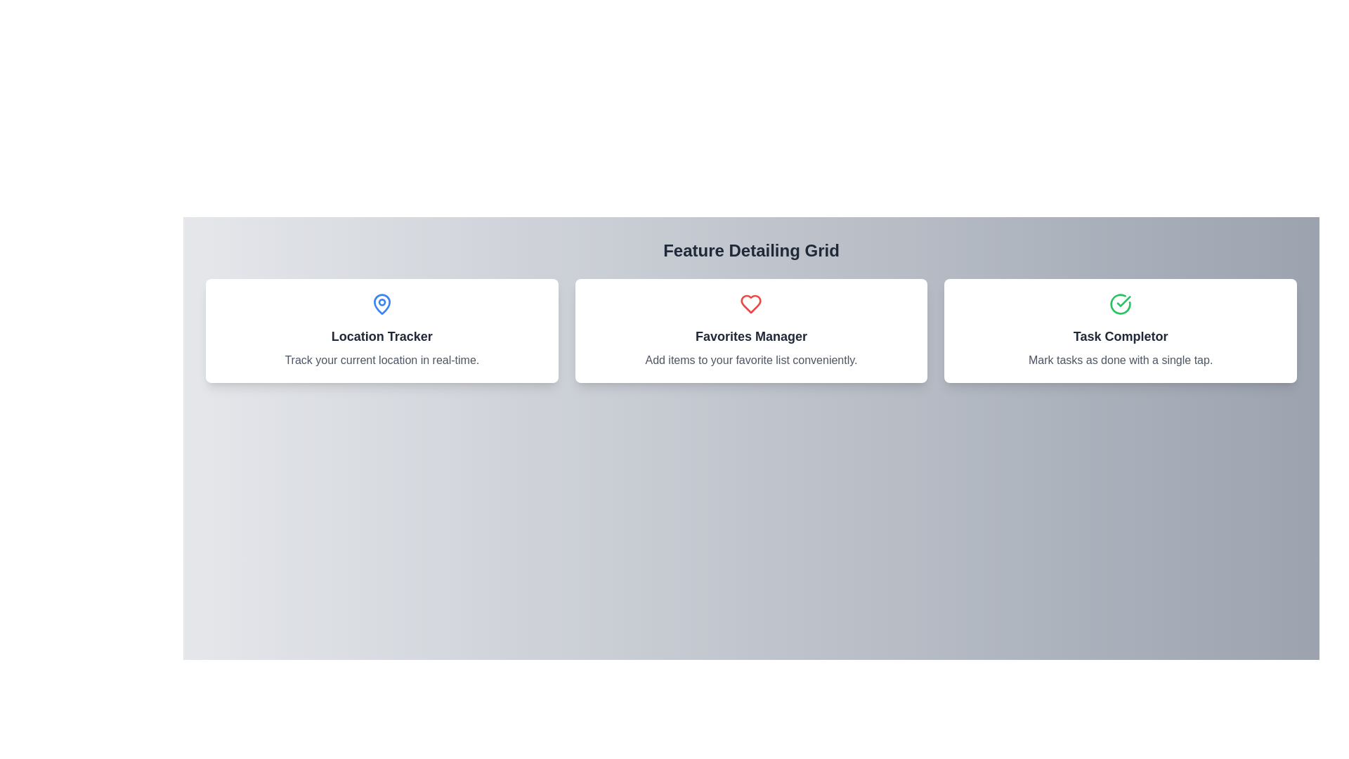  I want to click on the symbolic meaning of the map pin icon, which is styled with a blue outline, so click(382, 303).